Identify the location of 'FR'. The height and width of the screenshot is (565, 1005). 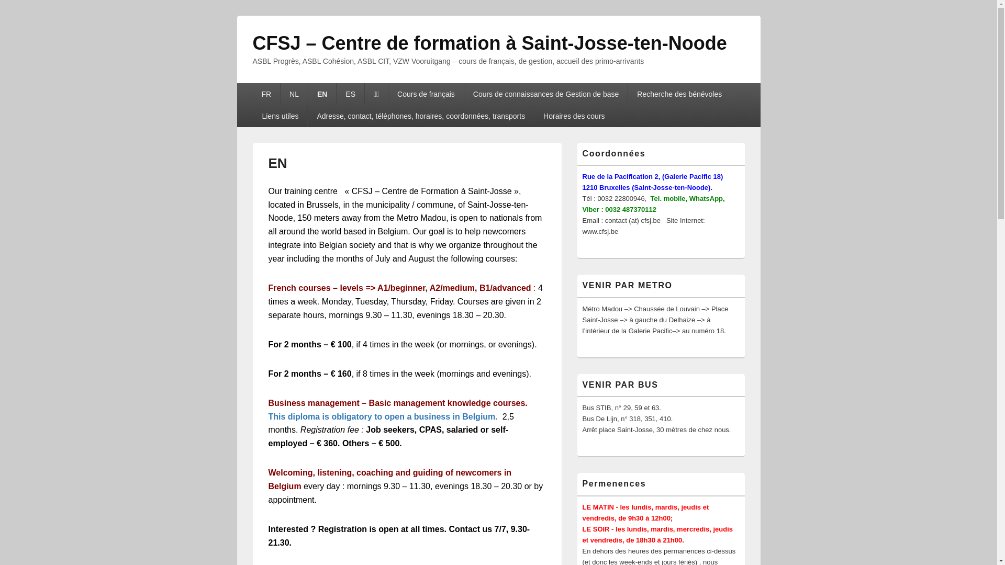
(266, 94).